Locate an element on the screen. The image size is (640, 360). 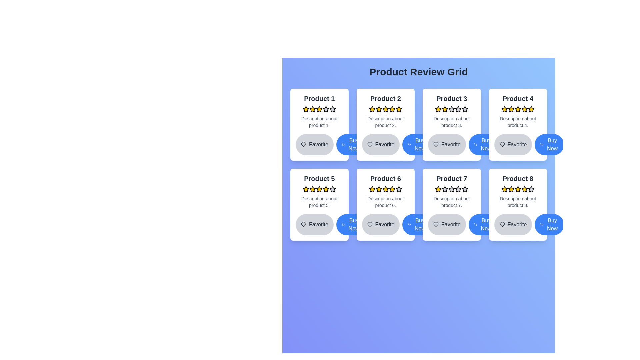
the 'Favorite' button, which is a rounded button with a light gray background and dark gray text, to mark 'Product 3' as a favorite is located at coordinates (447, 144).